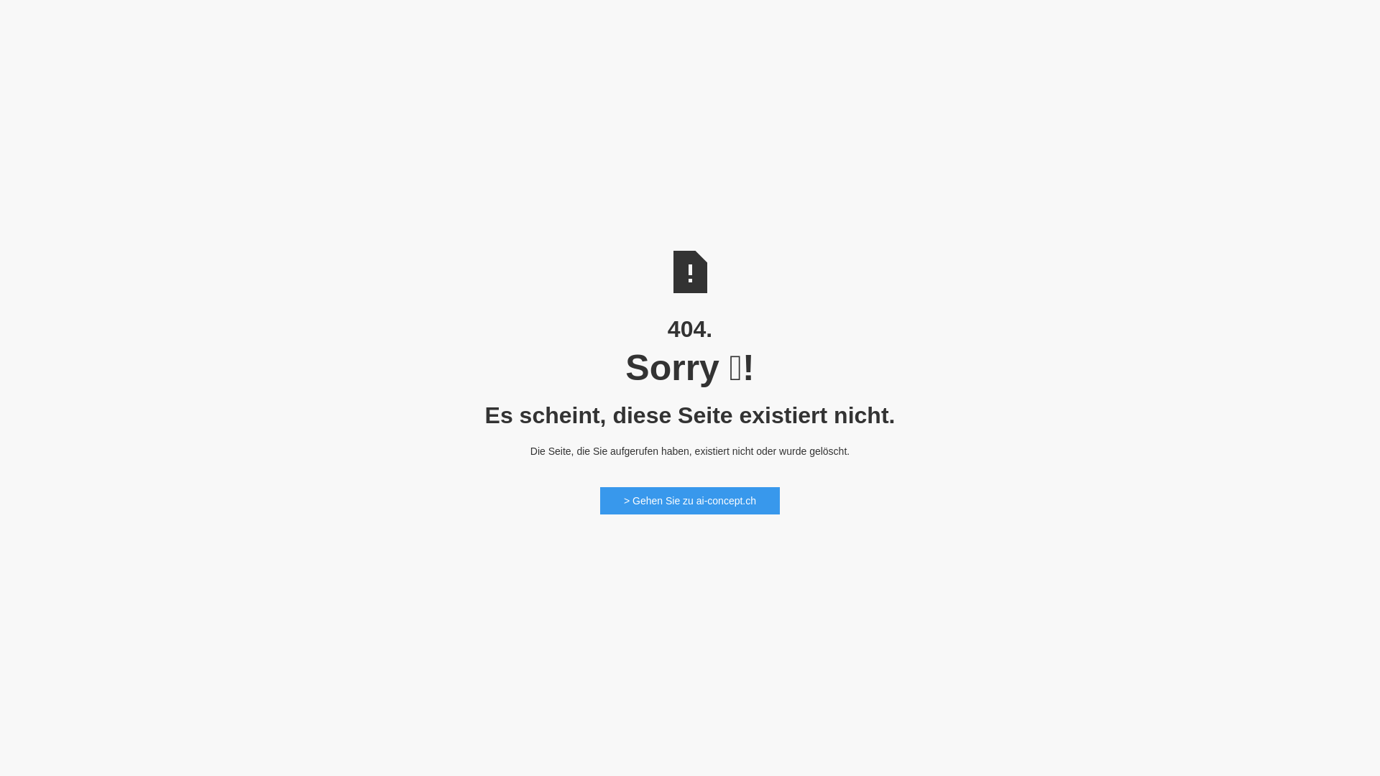  Describe the element at coordinates (600, 500) in the screenshot. I see `'> Gehen Sie zu ai-concept.ch'` at that location.